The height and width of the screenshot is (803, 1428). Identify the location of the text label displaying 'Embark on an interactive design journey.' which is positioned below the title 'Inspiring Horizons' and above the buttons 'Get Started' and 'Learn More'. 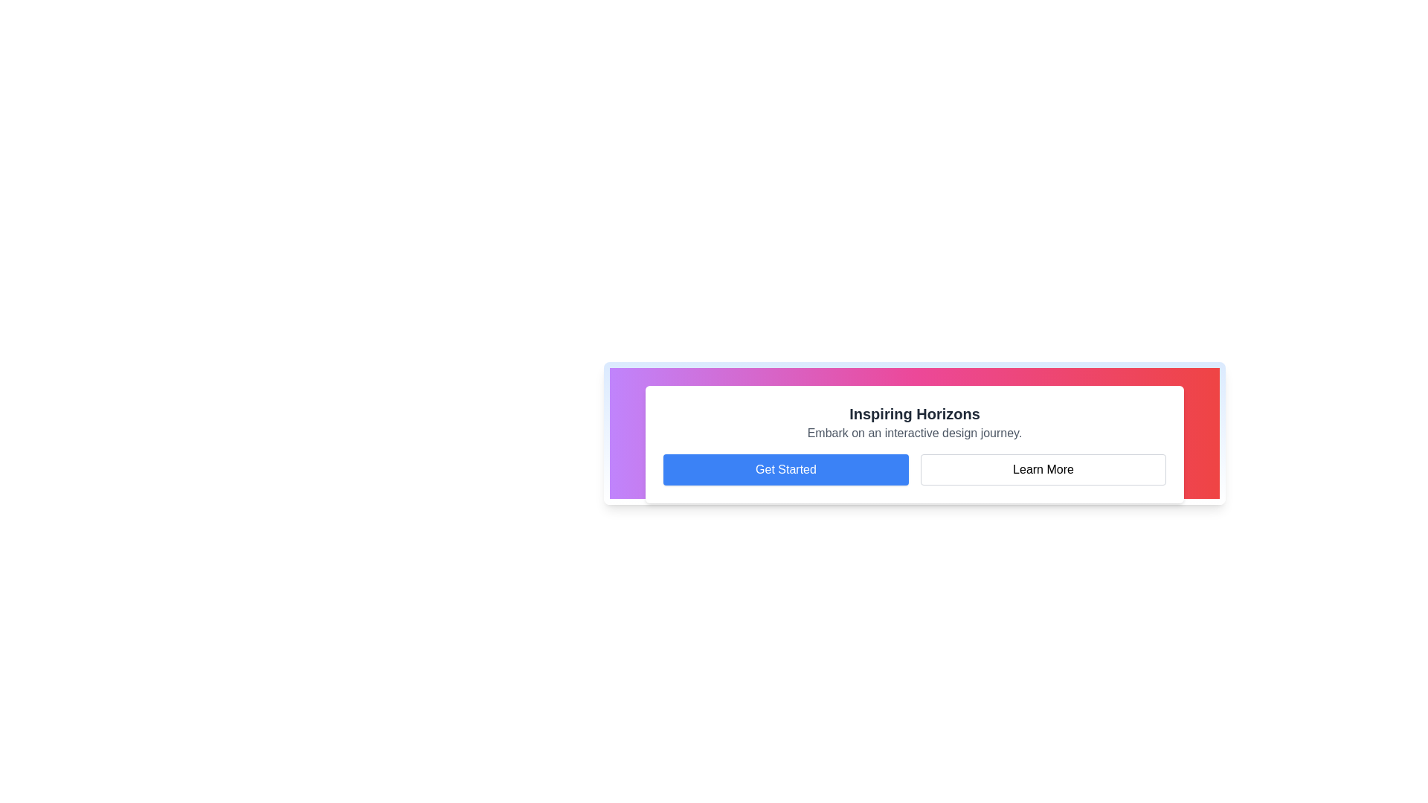
(913, 433).